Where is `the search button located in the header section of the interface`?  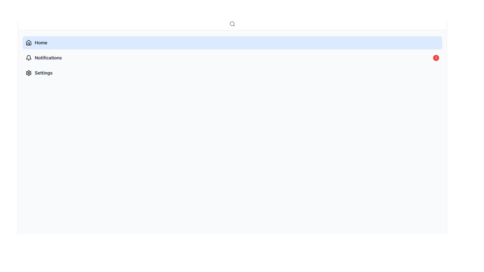
the search button located in the header section of the interface is located at coordinates (232, 24).